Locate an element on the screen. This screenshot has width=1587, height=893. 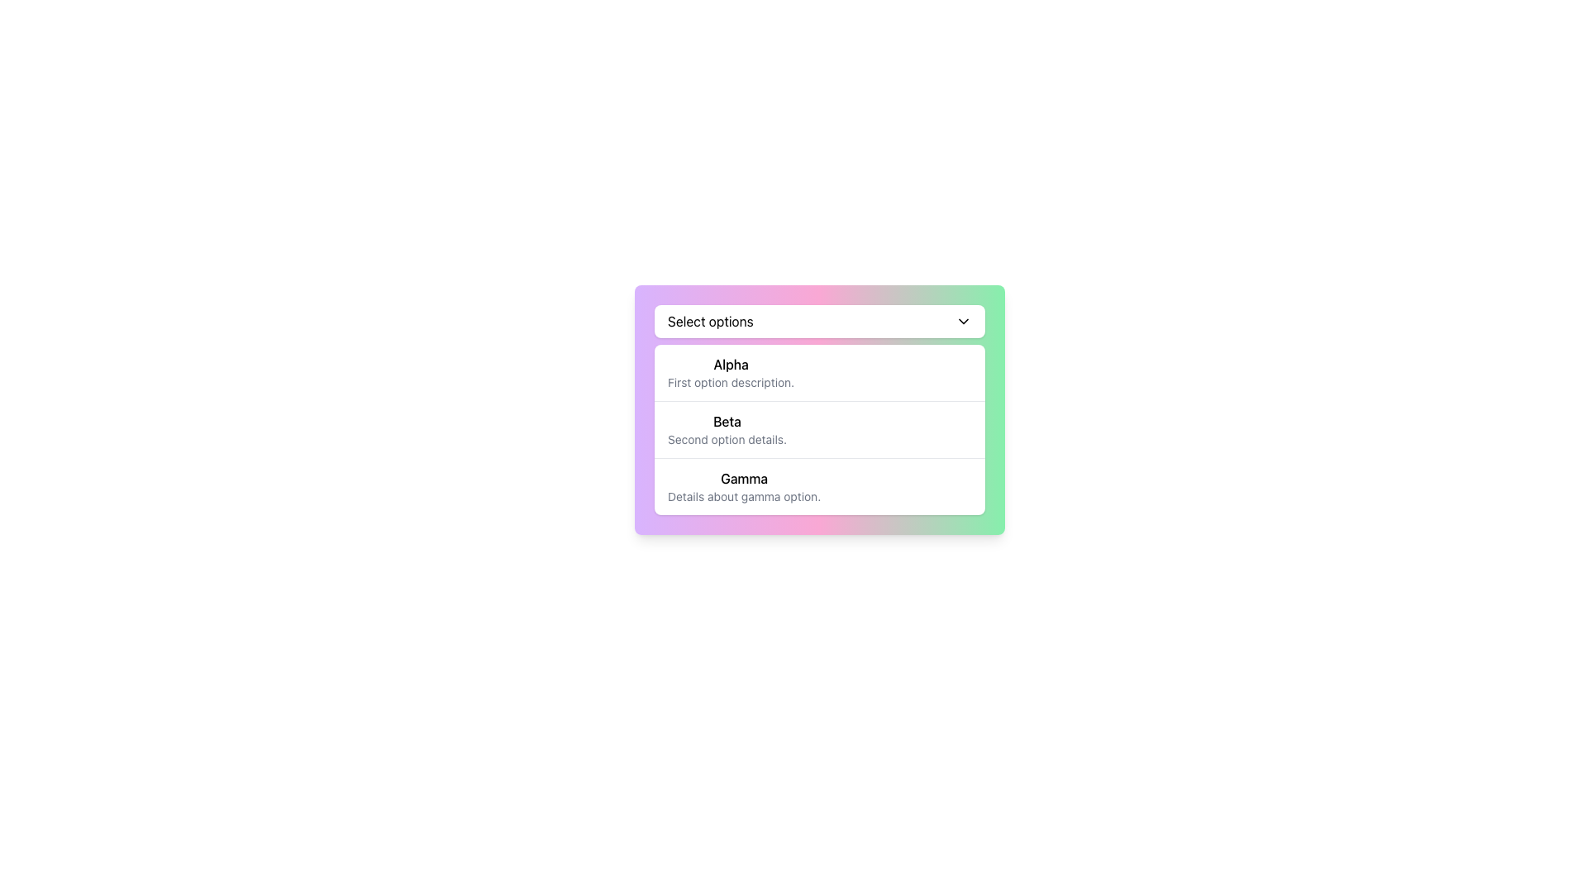
the selectable option labeled 'Alpha' in the dropdown menu is located at coordinates (730, 373).